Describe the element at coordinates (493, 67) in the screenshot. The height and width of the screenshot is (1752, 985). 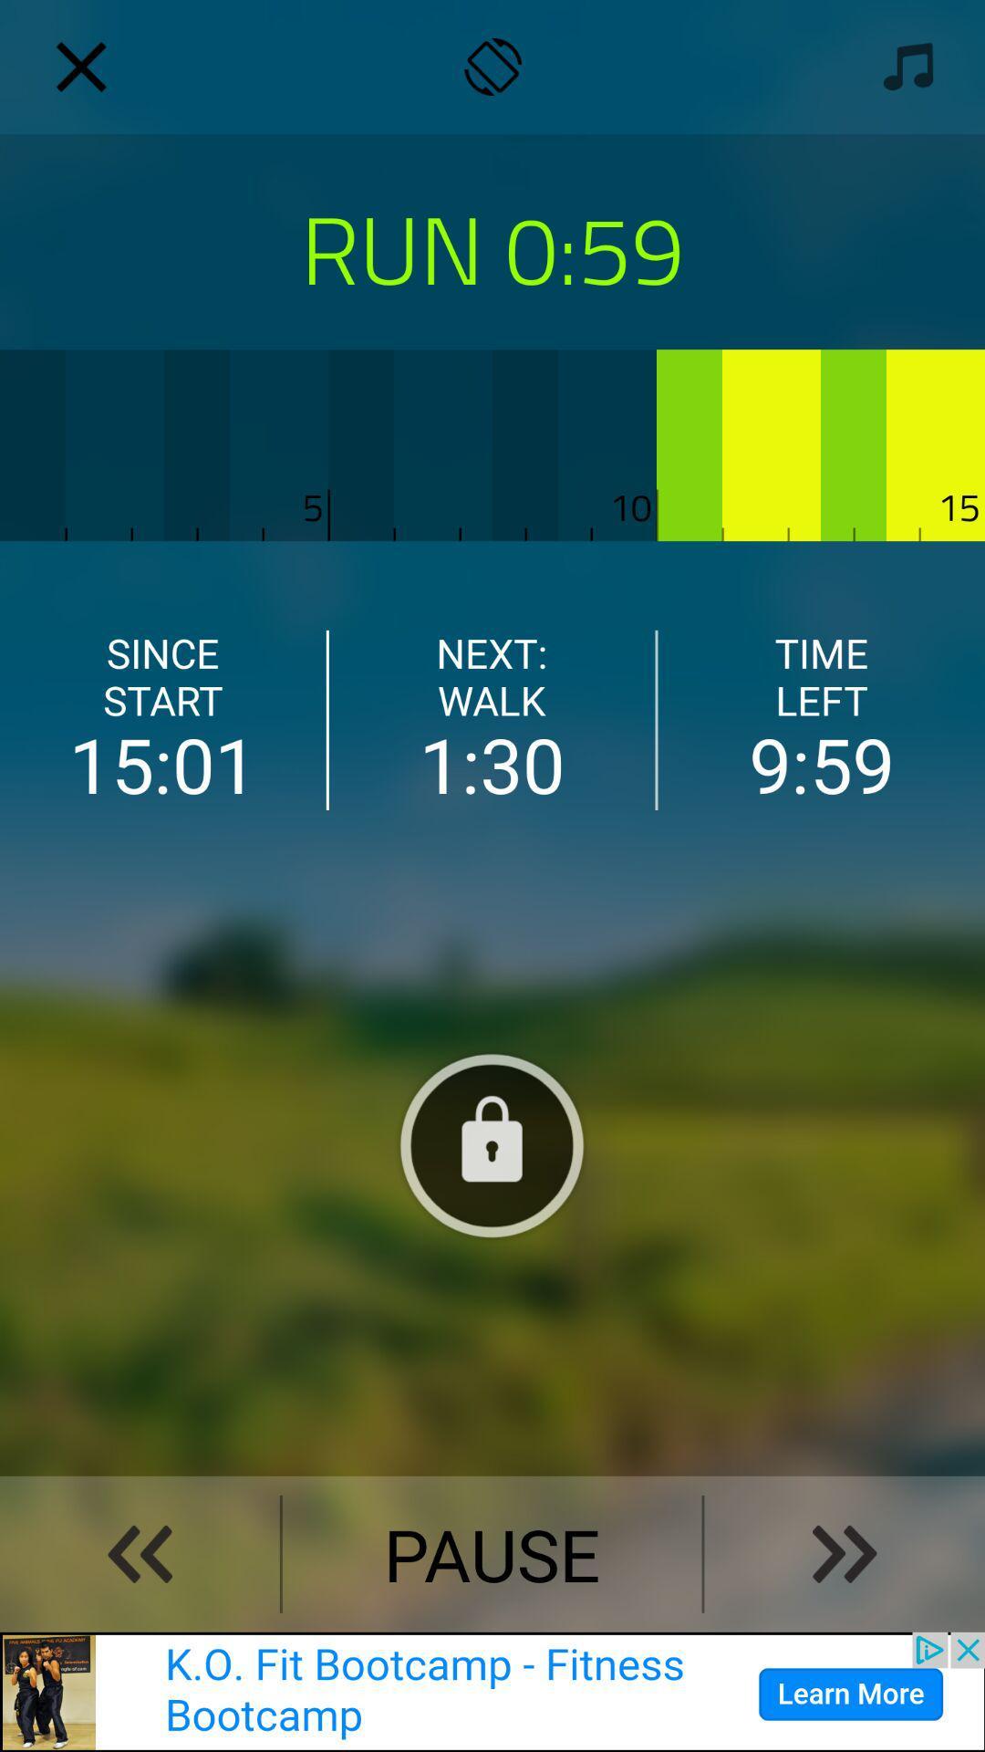
I see `turn screen` at that location.